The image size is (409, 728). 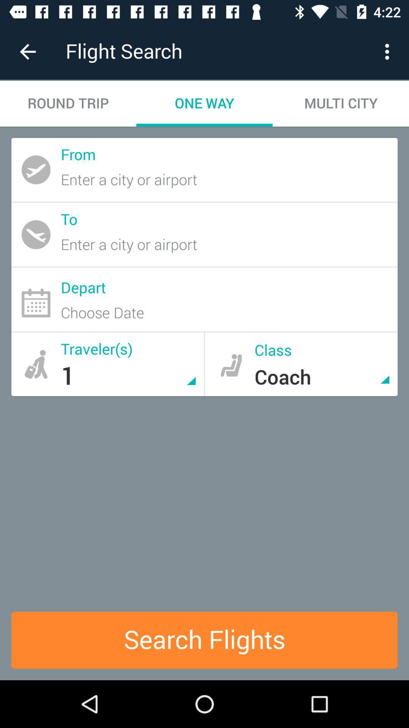 What do you see at coordinates (27, 51) in the screenshot?
I see `item to the left of the flight search icon` at bounding box center [27, 51].